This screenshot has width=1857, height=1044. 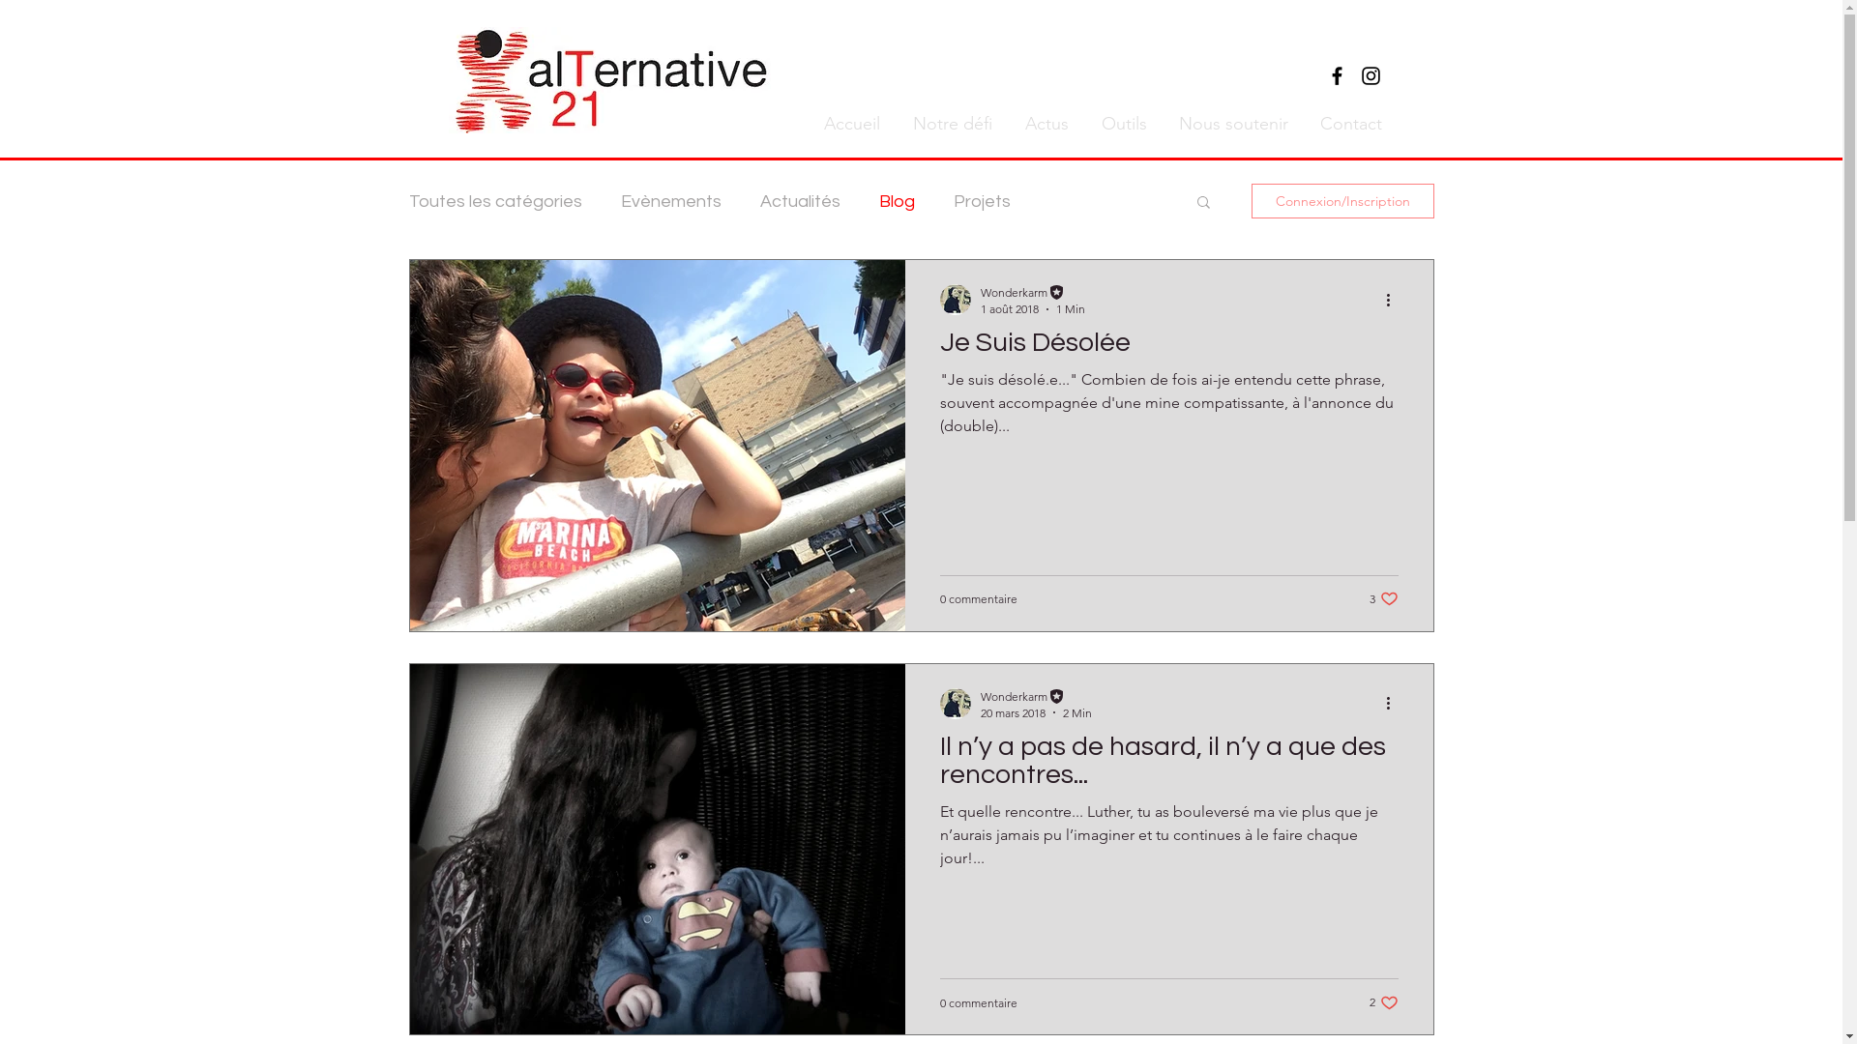 I want to click on 'Wonderkarm', so click(x=1031, y=292).